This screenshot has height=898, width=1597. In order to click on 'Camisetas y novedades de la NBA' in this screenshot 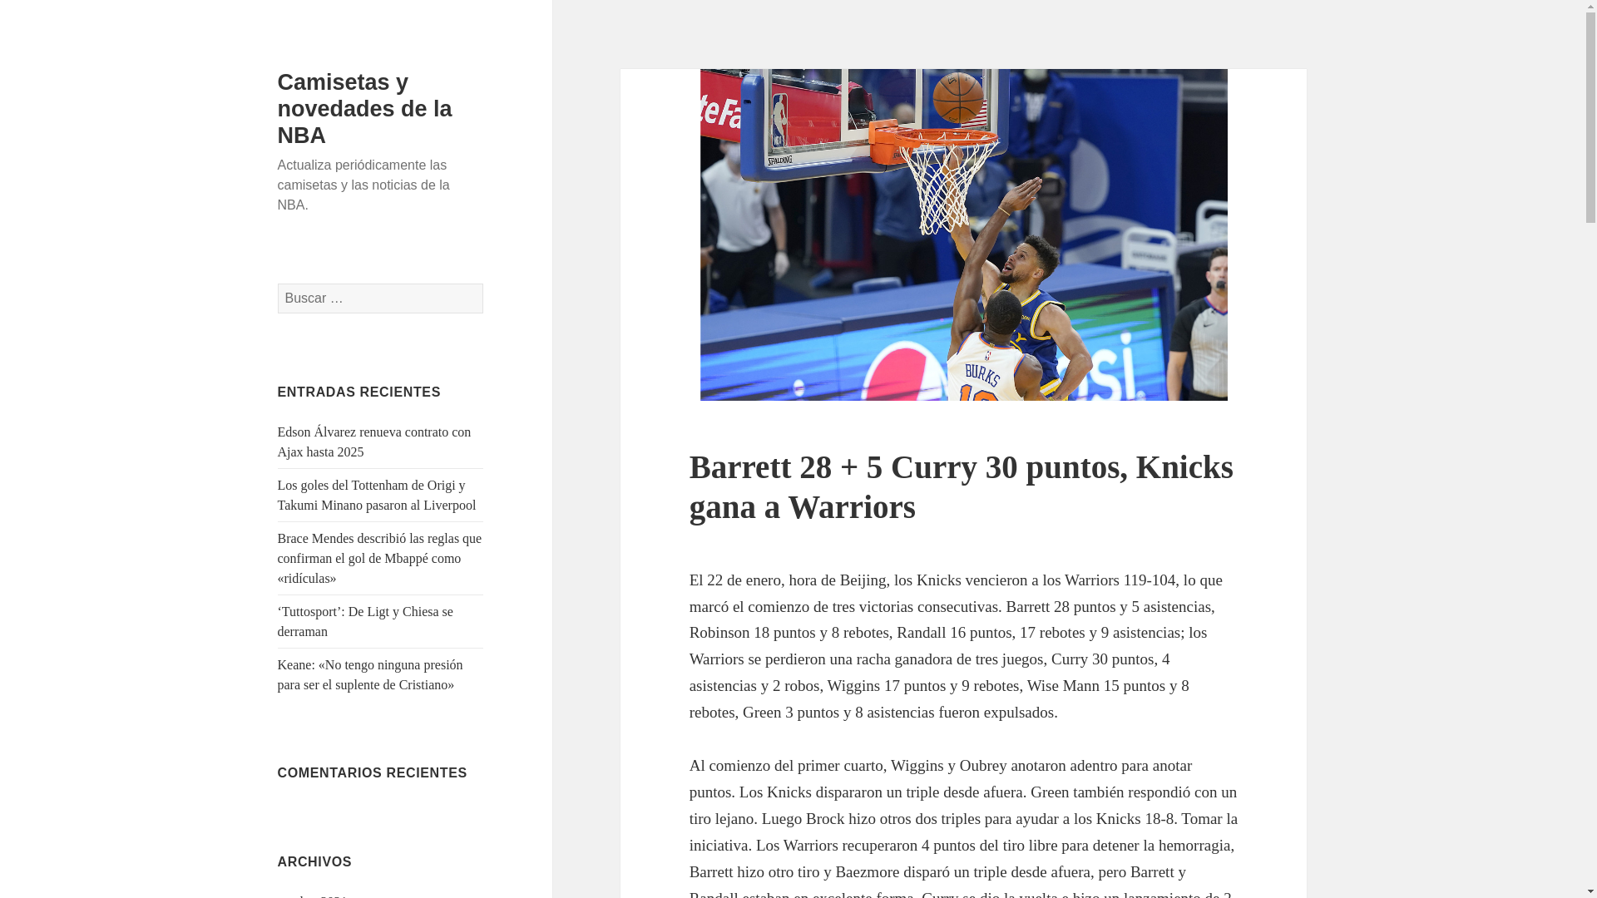, I will do `click(363, 109)`.